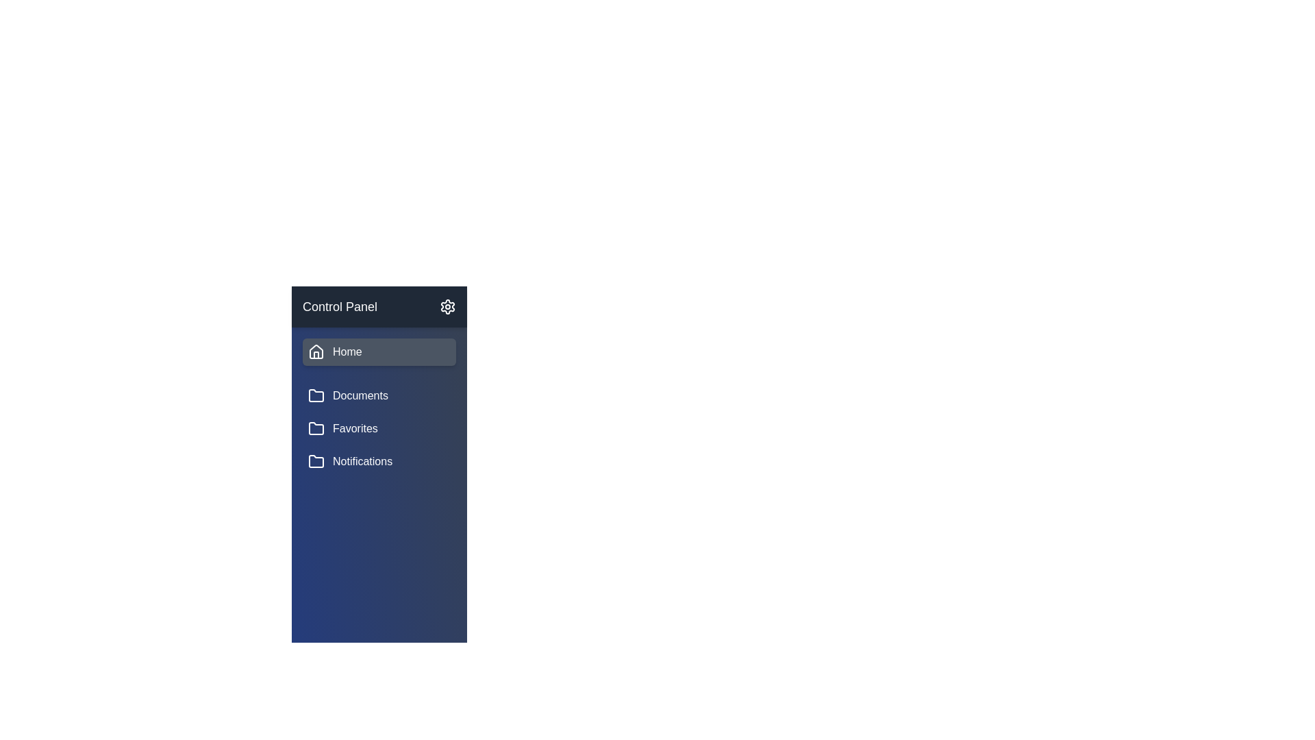  What do you see at coordinates (379, 428) in the screenshot?
I see `the sidebar item corresponding to Favorites to navigate to that section` at bounding box center [379, 428].